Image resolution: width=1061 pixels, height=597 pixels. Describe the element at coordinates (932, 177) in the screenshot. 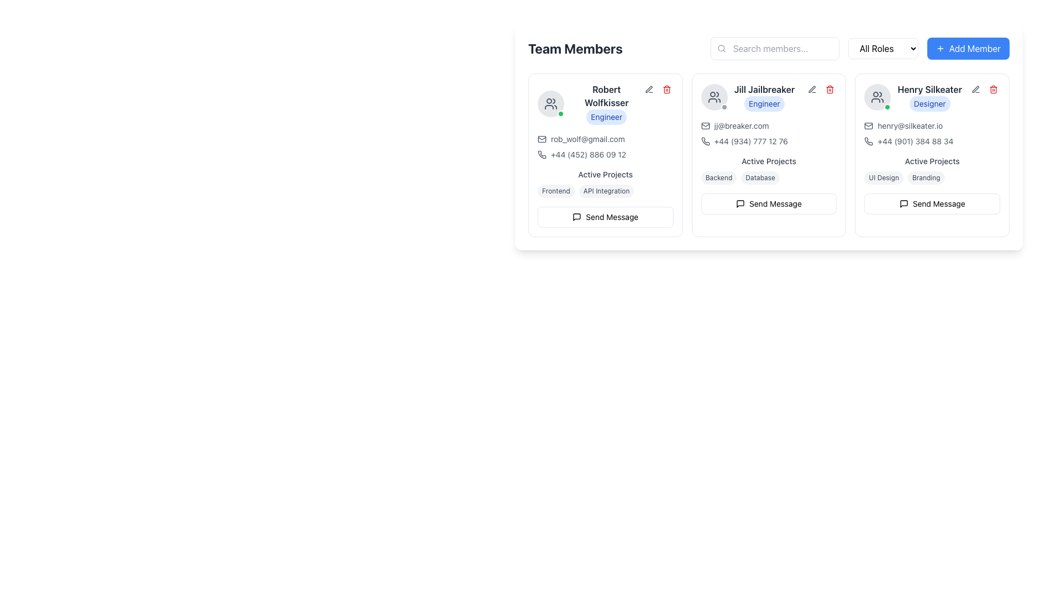

I see `the Label group located in the Active Projects section of Henry Silkeater's card, which displays current projects or skills` at that location.